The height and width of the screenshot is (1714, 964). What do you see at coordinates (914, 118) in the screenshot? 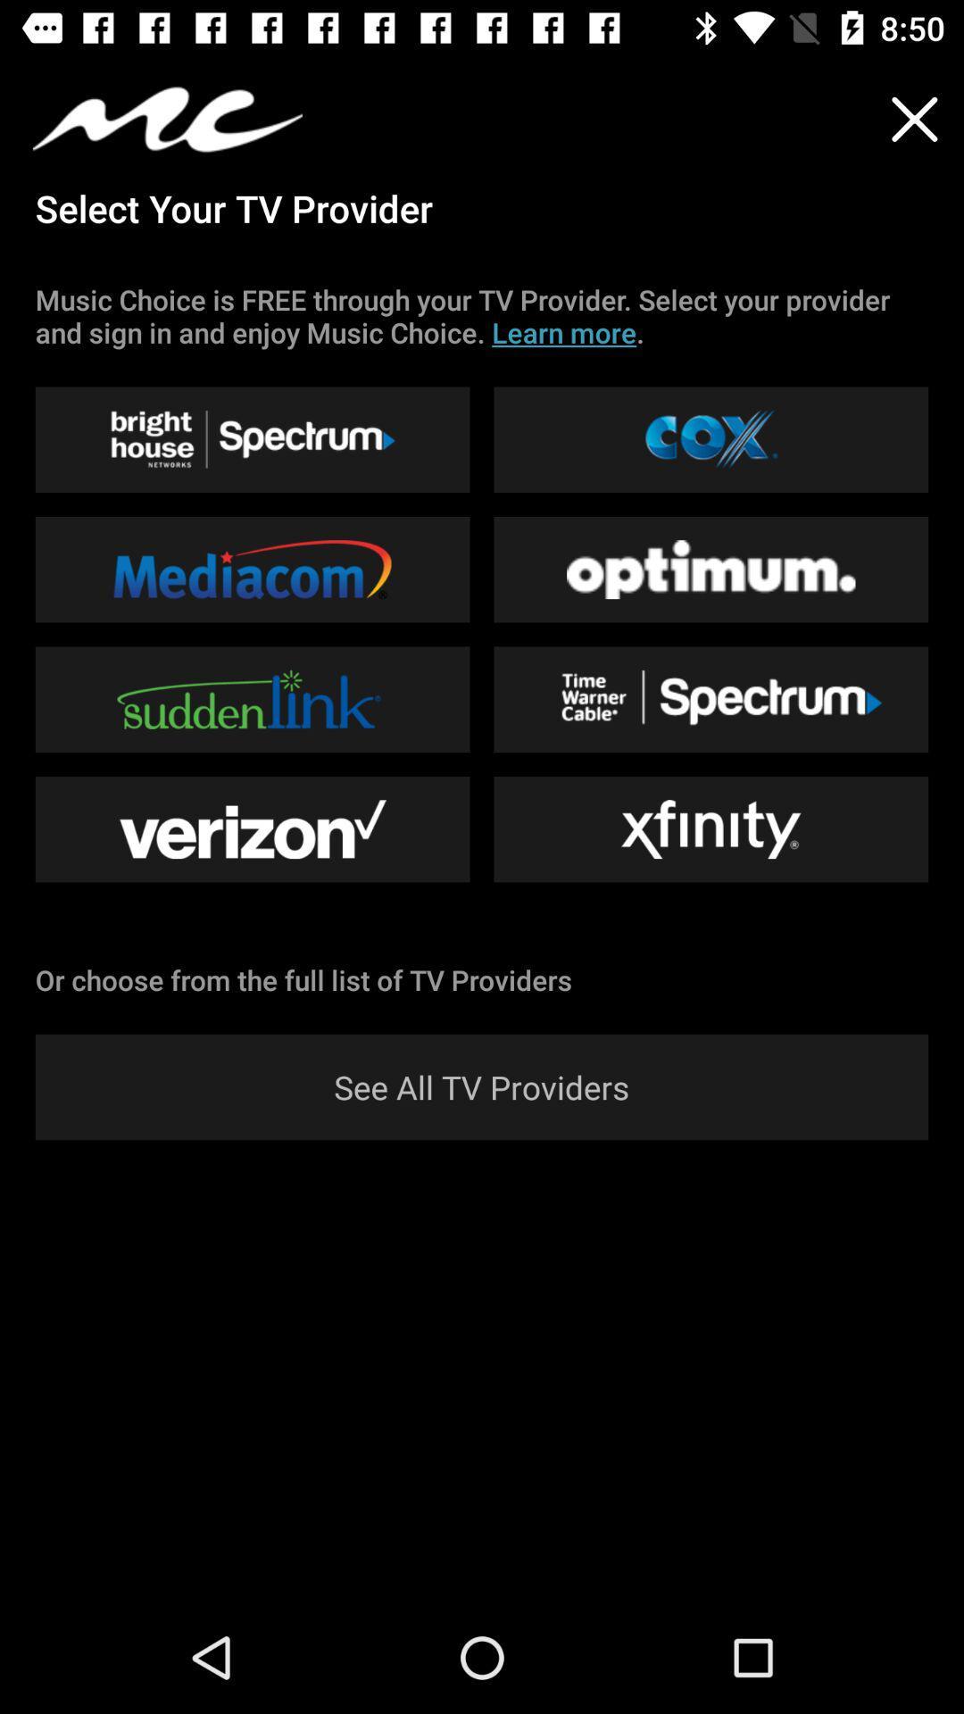
I see `icon to the right of select your tv` at bounding box center [914, 118].